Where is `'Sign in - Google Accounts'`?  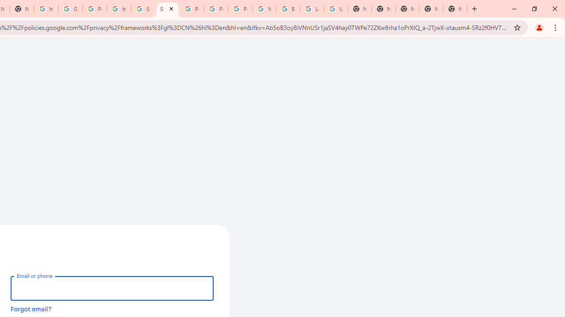 'Sign in - Google Accounts' is located at coordinates (167, 9).